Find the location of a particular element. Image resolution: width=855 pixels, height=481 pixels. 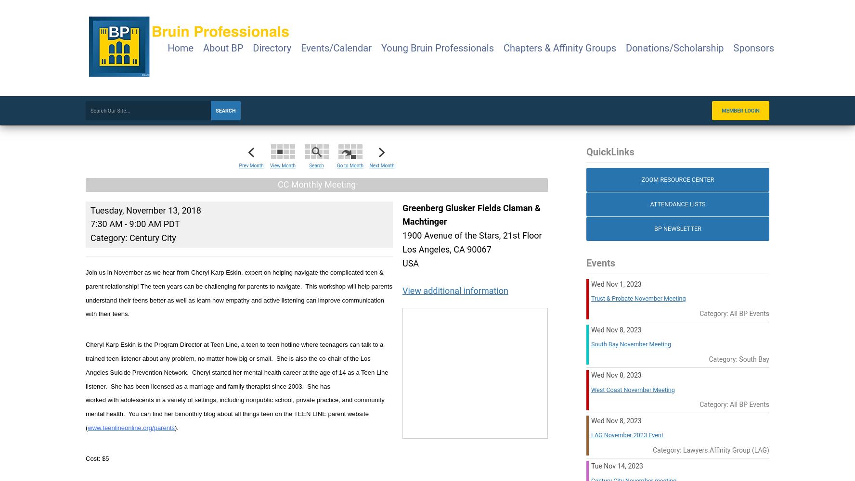

'Category: Lawyers Affinity Group (LAG)' is located at coordinates (711, 450).